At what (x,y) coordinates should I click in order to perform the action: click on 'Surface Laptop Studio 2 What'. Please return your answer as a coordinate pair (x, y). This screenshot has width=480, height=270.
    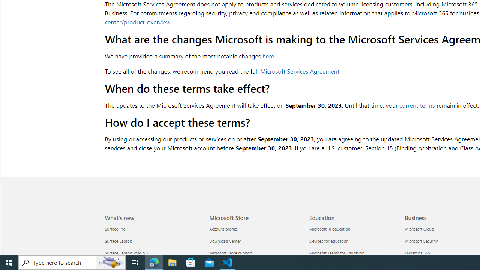
    Looking at the image, I should click on (126, 253).